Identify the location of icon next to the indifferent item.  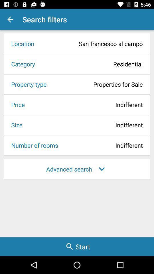
(16, 104).